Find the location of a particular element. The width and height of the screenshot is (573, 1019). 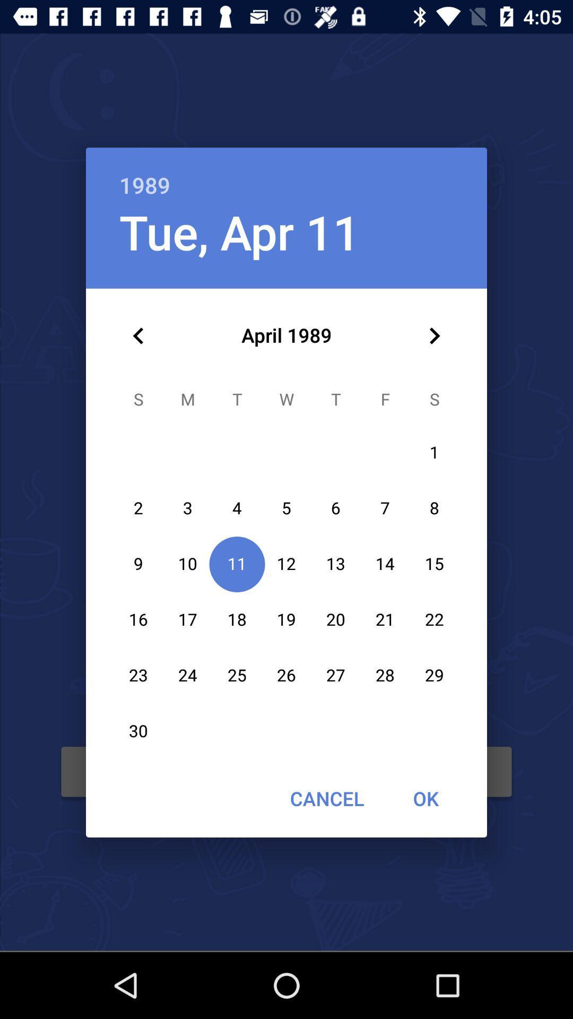

the 1989 icon is located at coordinates (286, 174).